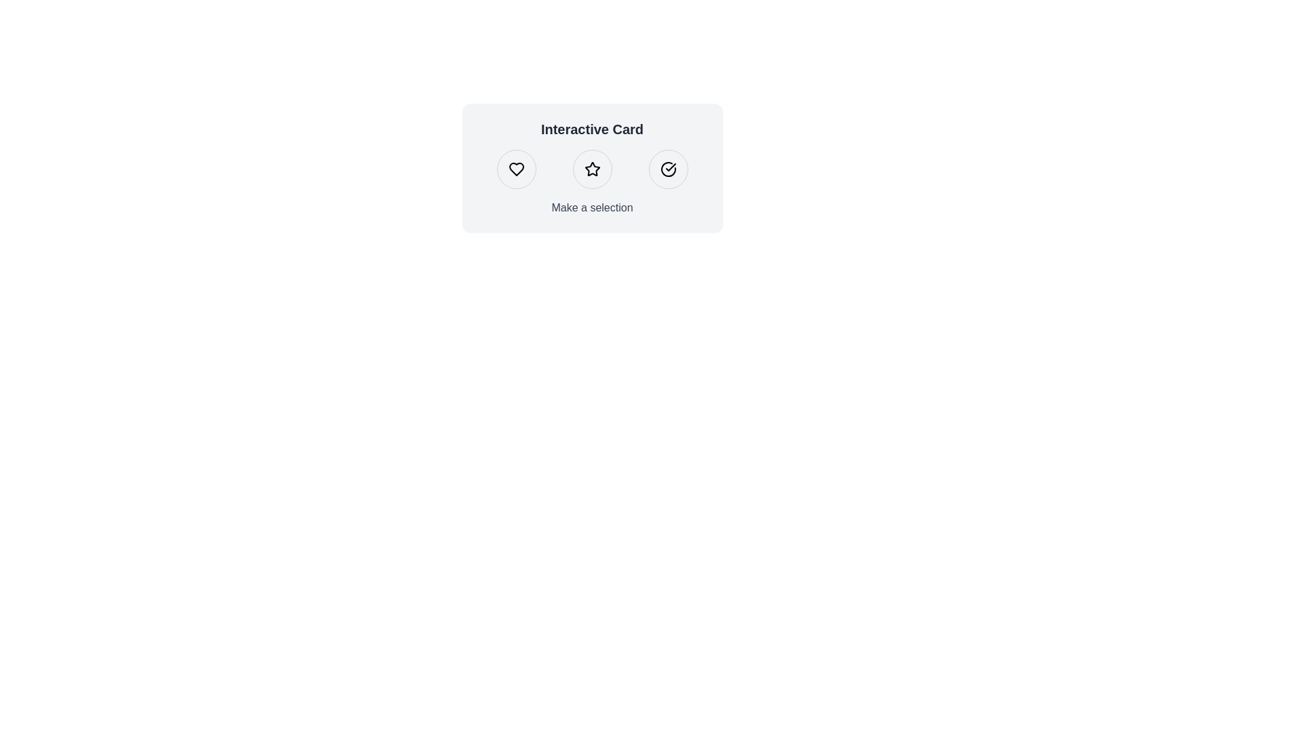  What do you see at coordinates (592, 169) in the screenshot?
I see `the interactive icon located centrally within the circular button in the 'Interactive Card'` at bounding box center [592, 169].